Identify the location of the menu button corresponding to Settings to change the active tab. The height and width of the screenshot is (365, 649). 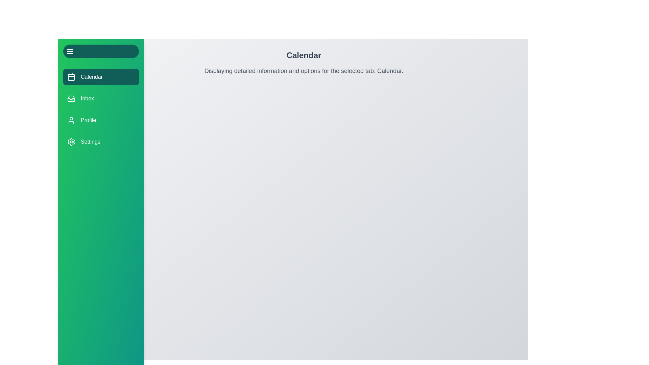
(100, 142).